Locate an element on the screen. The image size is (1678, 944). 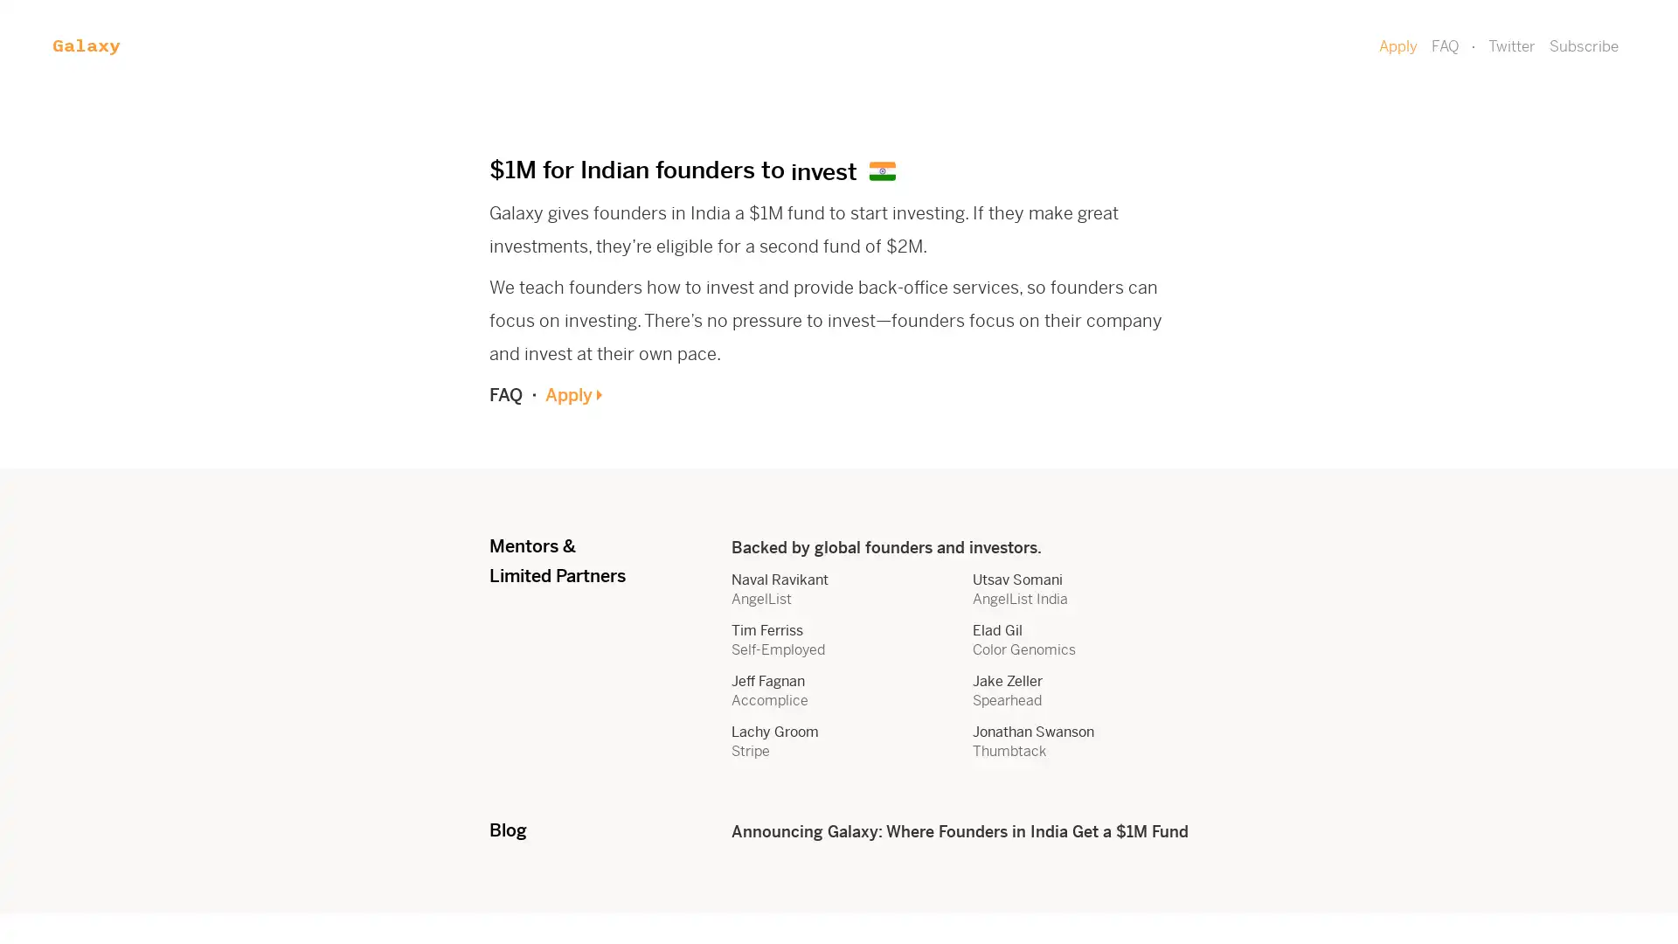
Subscribe is located at coordinates (1508, 52).